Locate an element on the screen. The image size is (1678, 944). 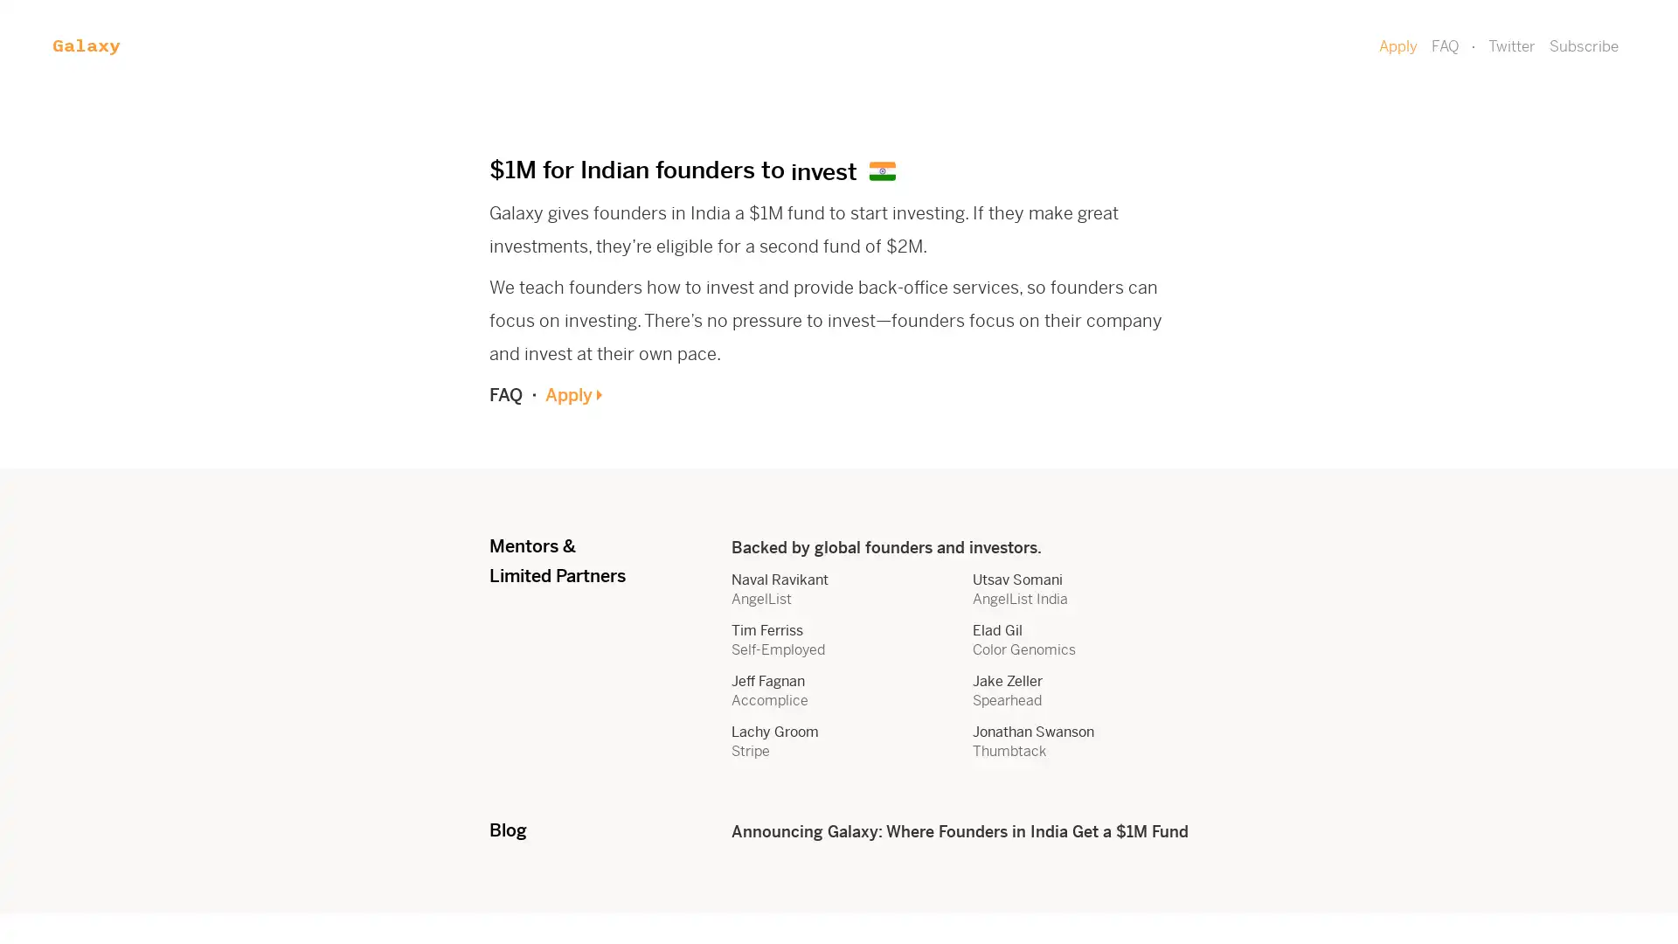
Subscribe is located at coordinates (1508, 52).